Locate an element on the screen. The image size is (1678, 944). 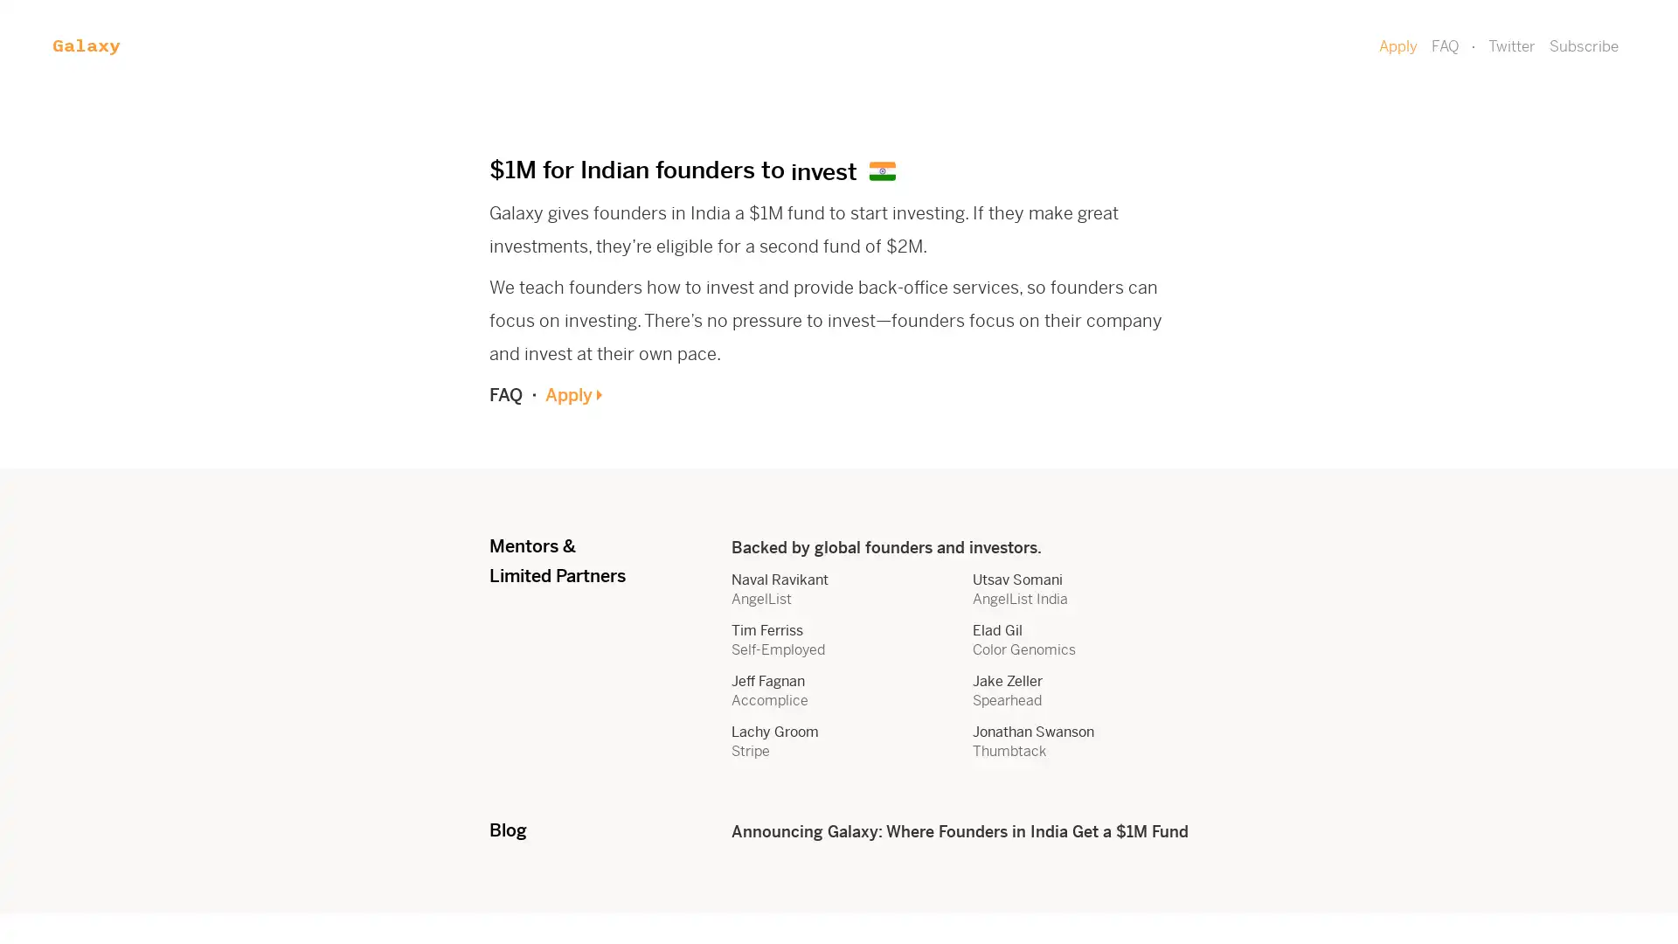
Subscribe is located at coordinates (1508, 52).